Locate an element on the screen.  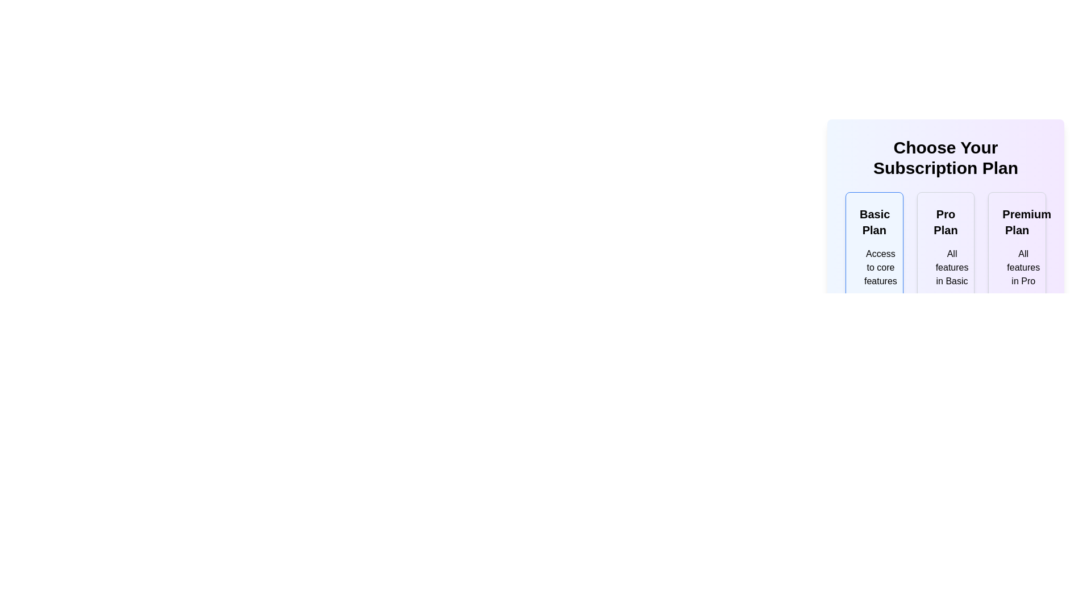
the 'Basic Plan' text label which is bold and large, indicating its importance within the leftmost subscription card is located at coordinates (873, 222).